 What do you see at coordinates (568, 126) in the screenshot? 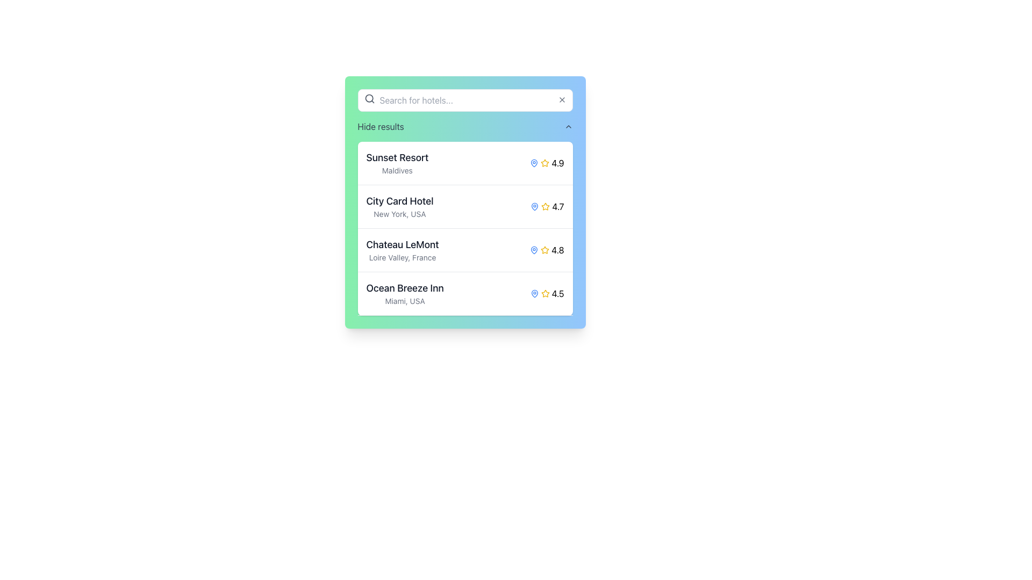
I see `the chevron icon located at the far right side of the header within the card component` at bounding box center [568, 126].